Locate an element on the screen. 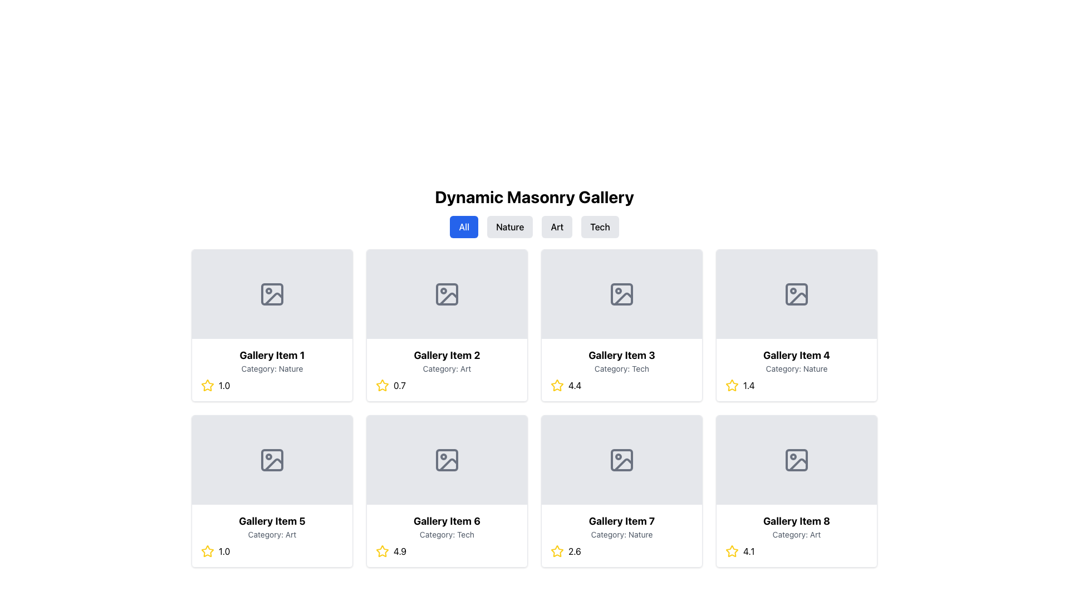 The width and height of the screenshot is (1069, 601). the text label displaying 'Category: Tech' which is positioned below the title 'Gallery Item 6' in the Gallery Item 6 card is located at coordinates (447, 534).